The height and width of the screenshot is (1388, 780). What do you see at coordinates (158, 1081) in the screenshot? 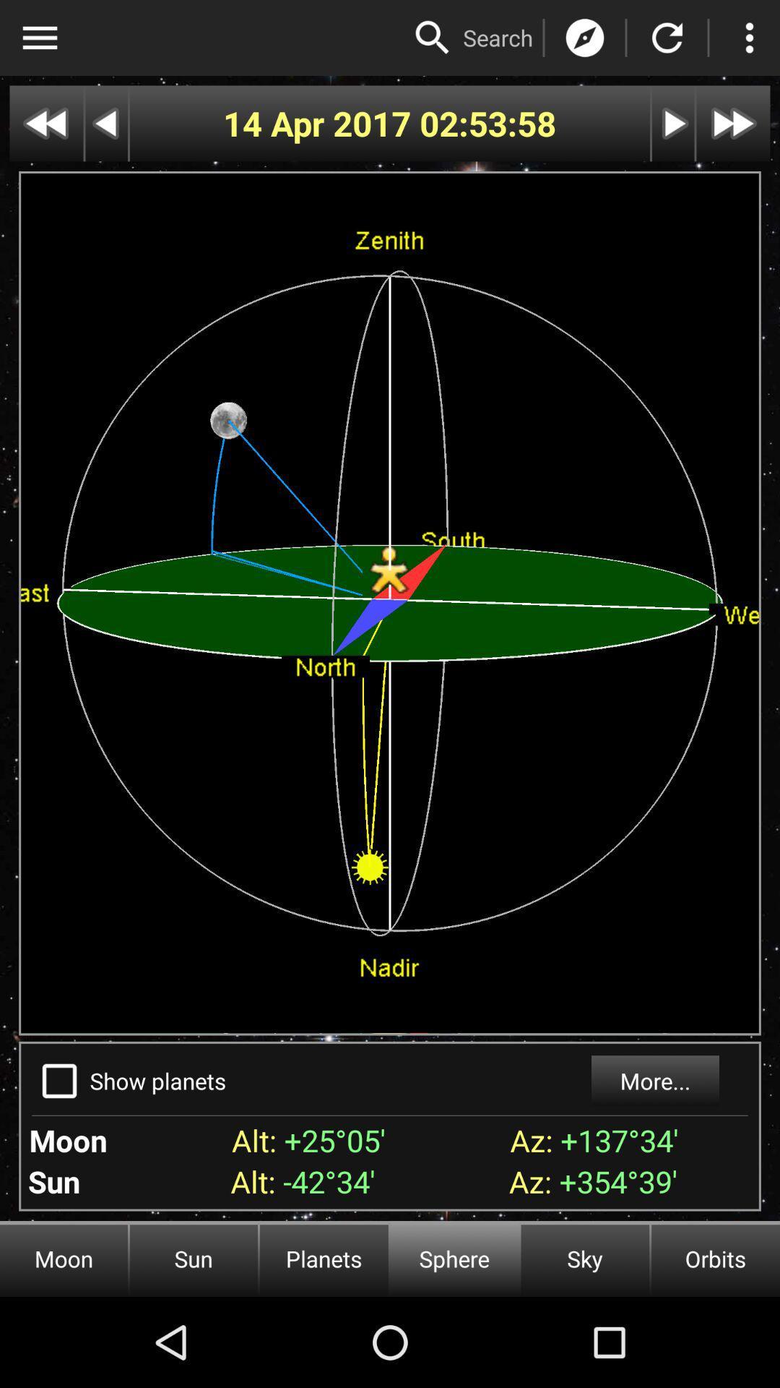
I see `show planets app` at bounding box center [158, 1081].